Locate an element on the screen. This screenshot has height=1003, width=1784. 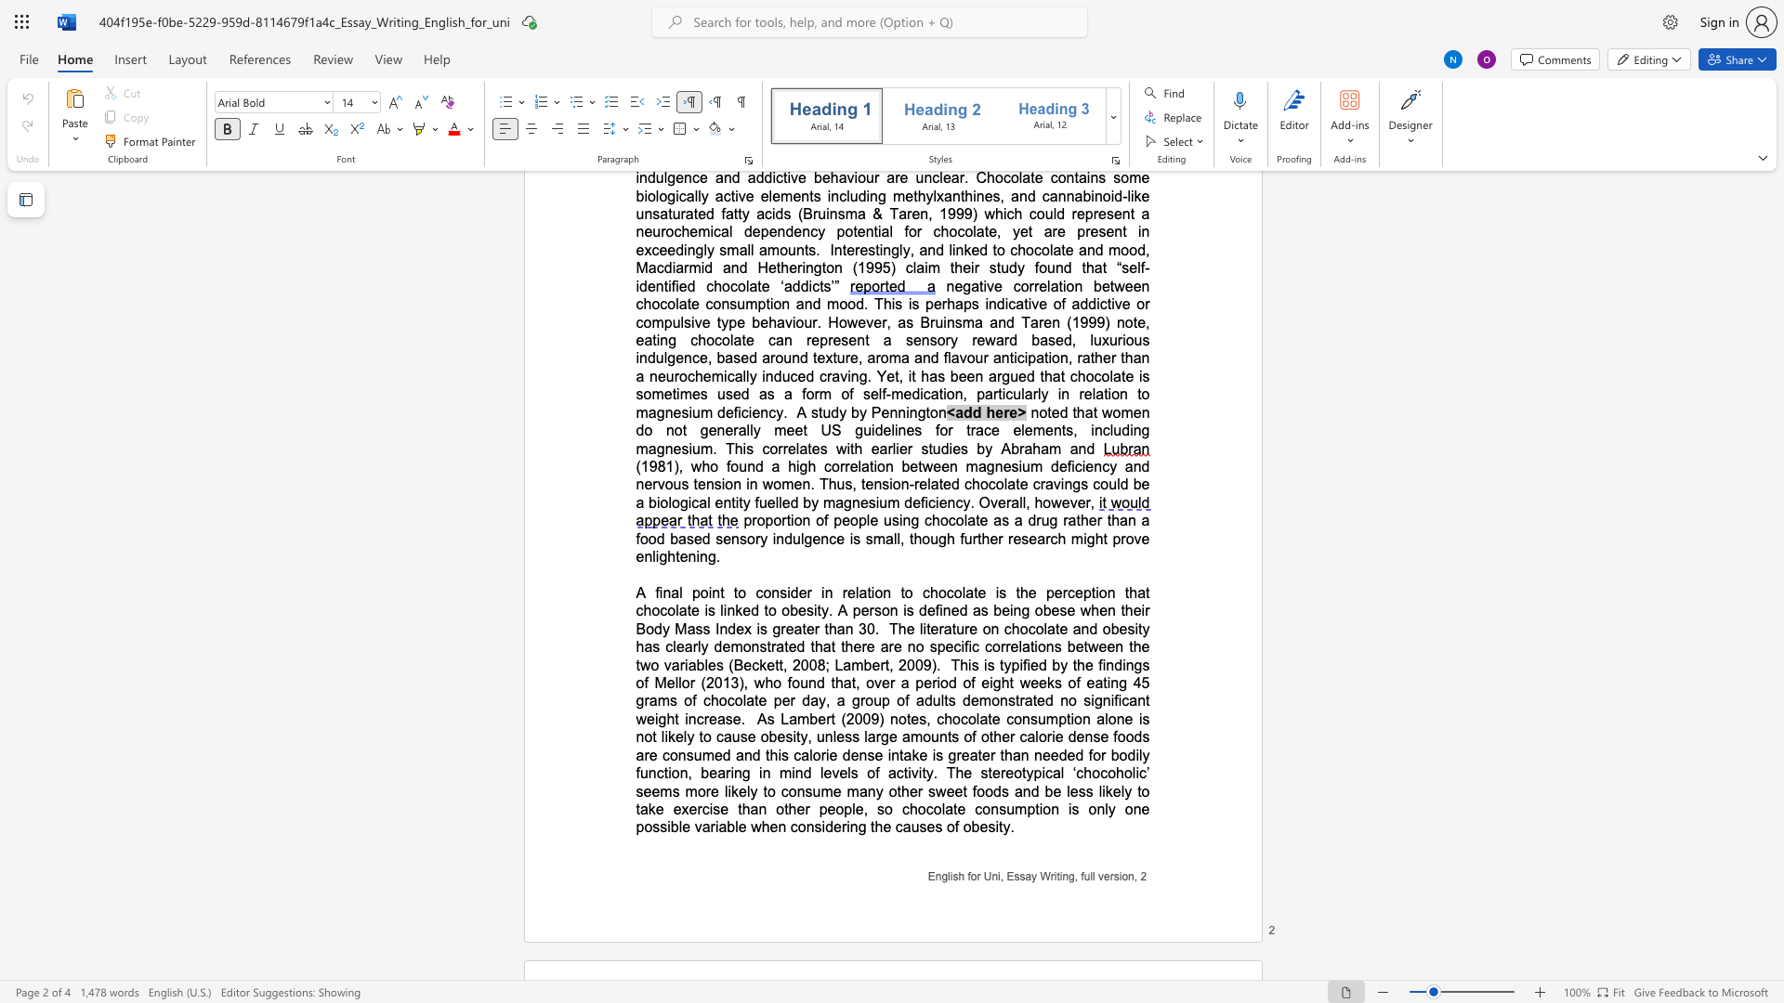
the subset text "ure on chocolate a" within the text "The literature on chocolate and obesity has clearly" is located at coordinates (956, 628).